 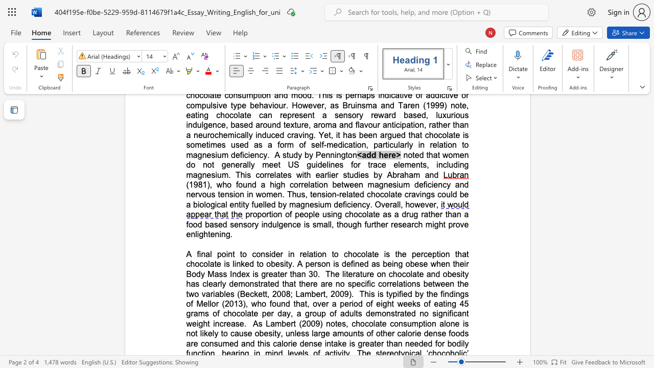 I want to click on the subset text "e and o" within the text "The literature on chocolate and obesity has clearly", so click(x=419, y=273).